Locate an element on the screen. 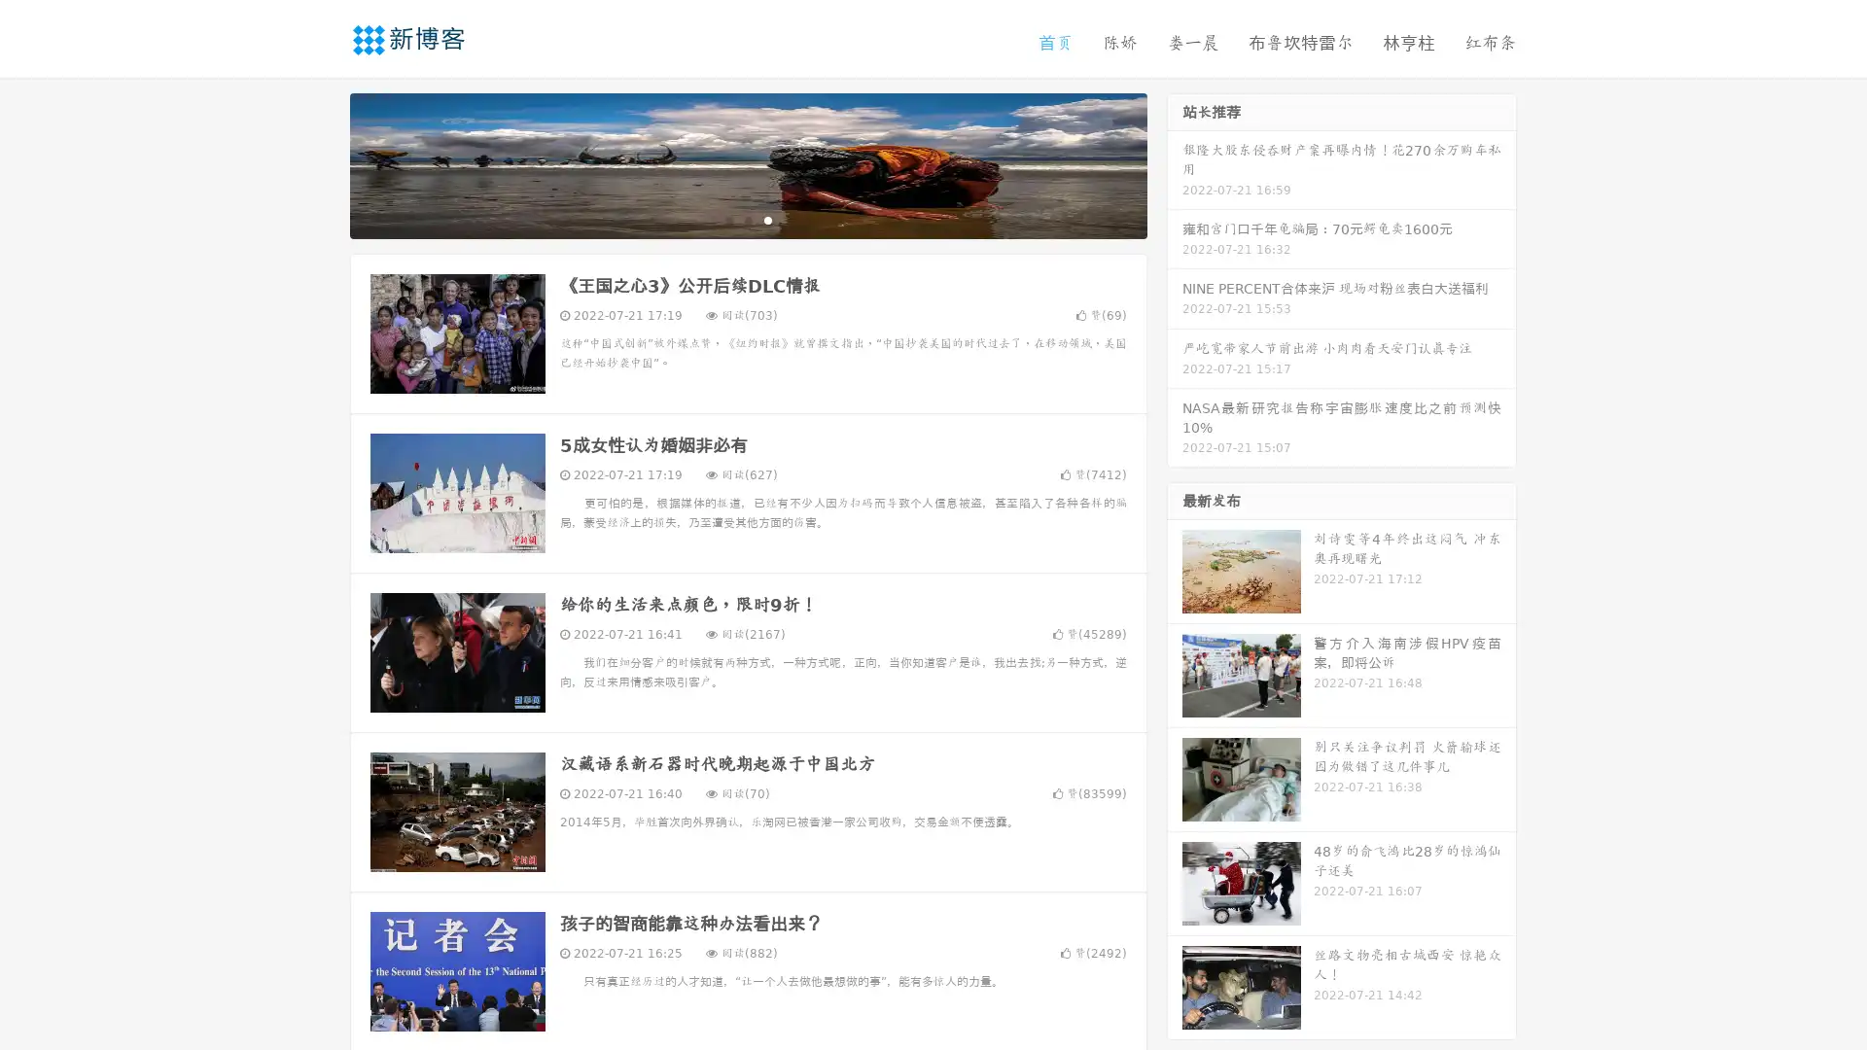  Go to slide 1 is located at coordinates (727, 219).